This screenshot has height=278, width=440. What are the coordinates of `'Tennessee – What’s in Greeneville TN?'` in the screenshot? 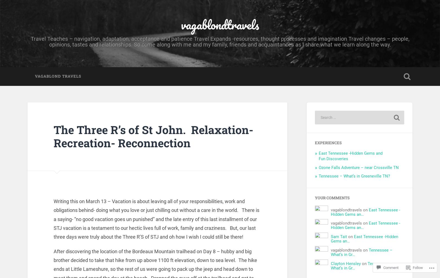 It's located at (354, 176).